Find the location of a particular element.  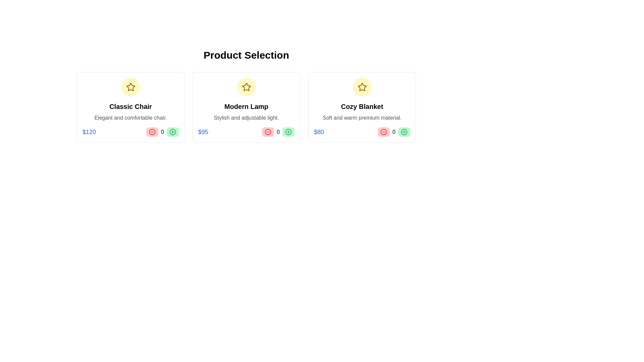

the text snippet reading 'Elegant and comfortable chair.' which is styled in muted gray color and located within the first product listing card, positioned below 'Classic Chair' is located at coordinates (130, 117).